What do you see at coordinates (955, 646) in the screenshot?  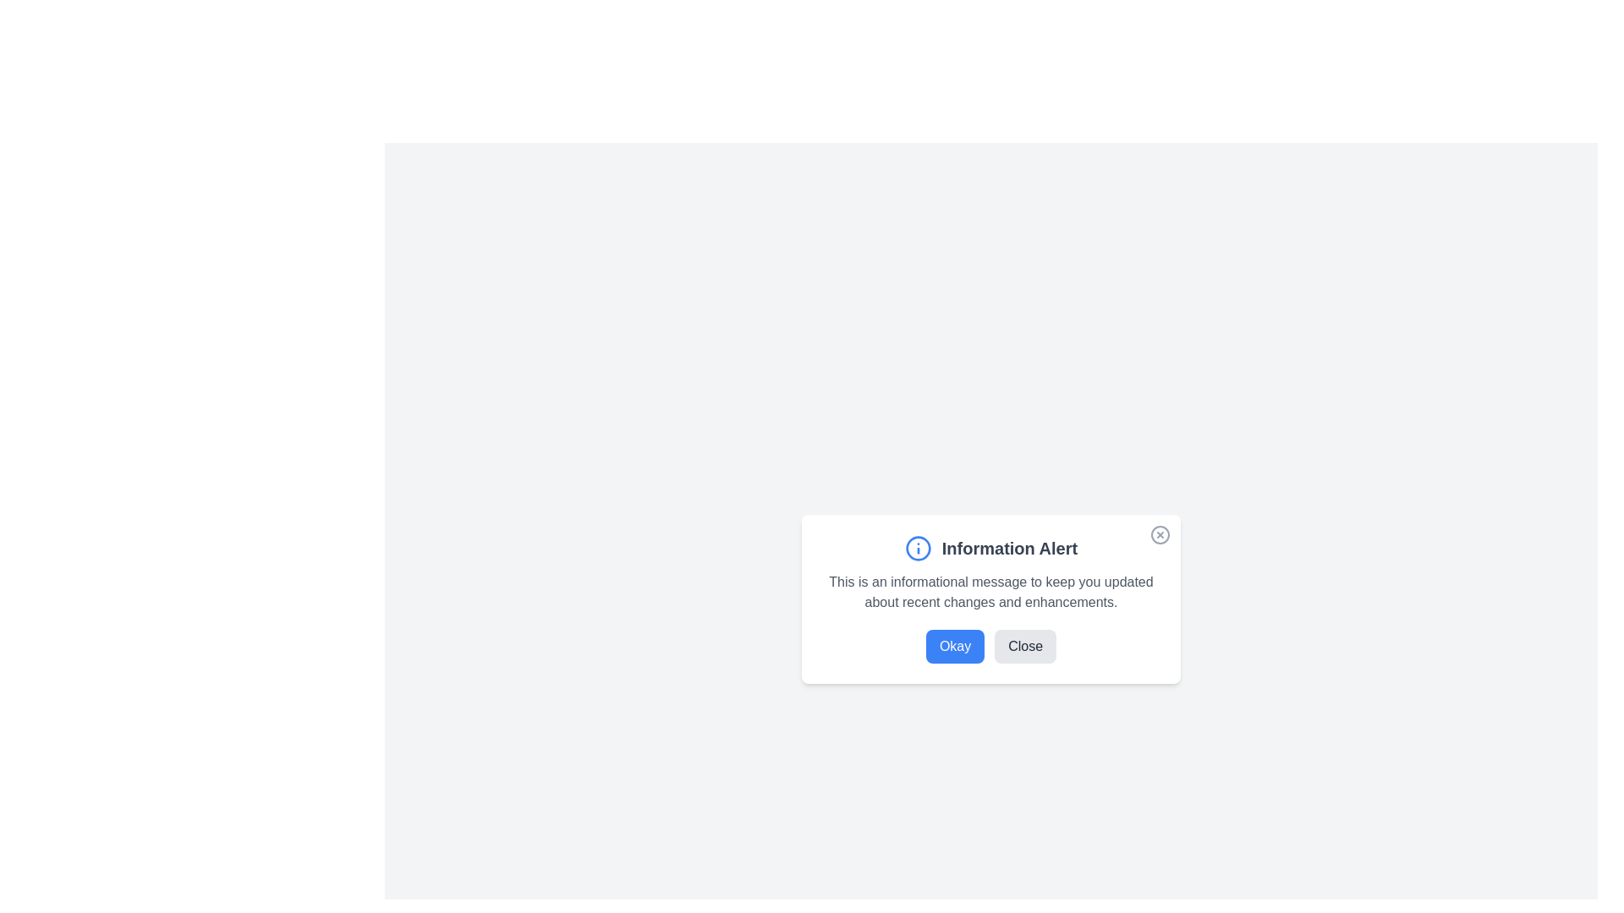 I see `the confirmation button located at the bottom-right corner of the modal dialog to acknowledge the displayed message` at bounding box center [955, 646].